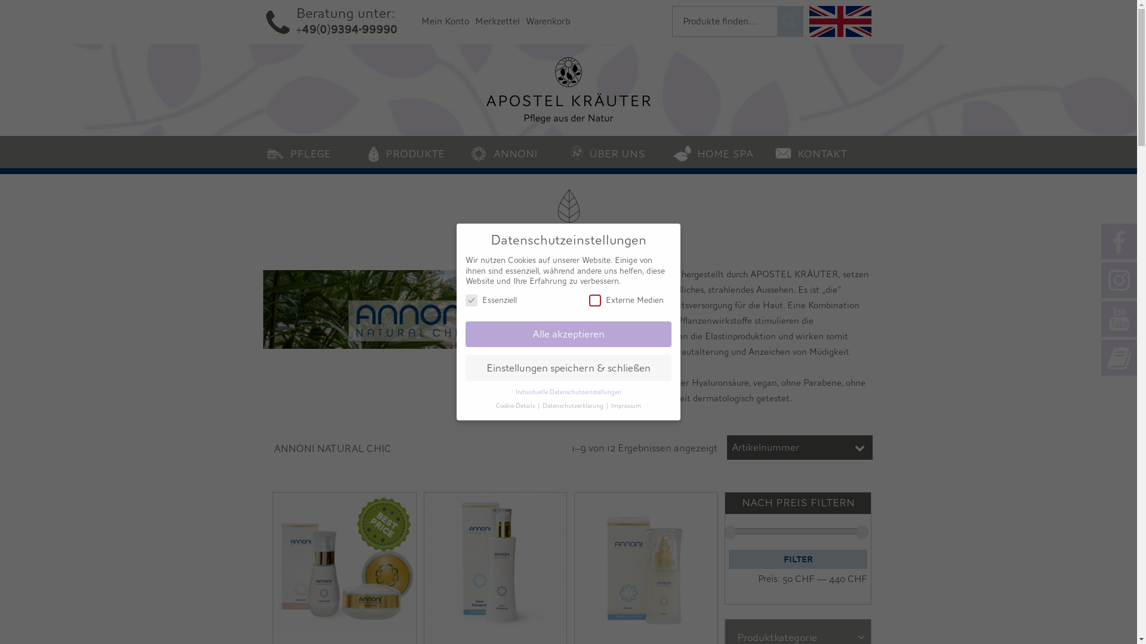  Describe the element at coordinates (497, 21) in the screenshot. I see `'Merkzettel'` at that location.